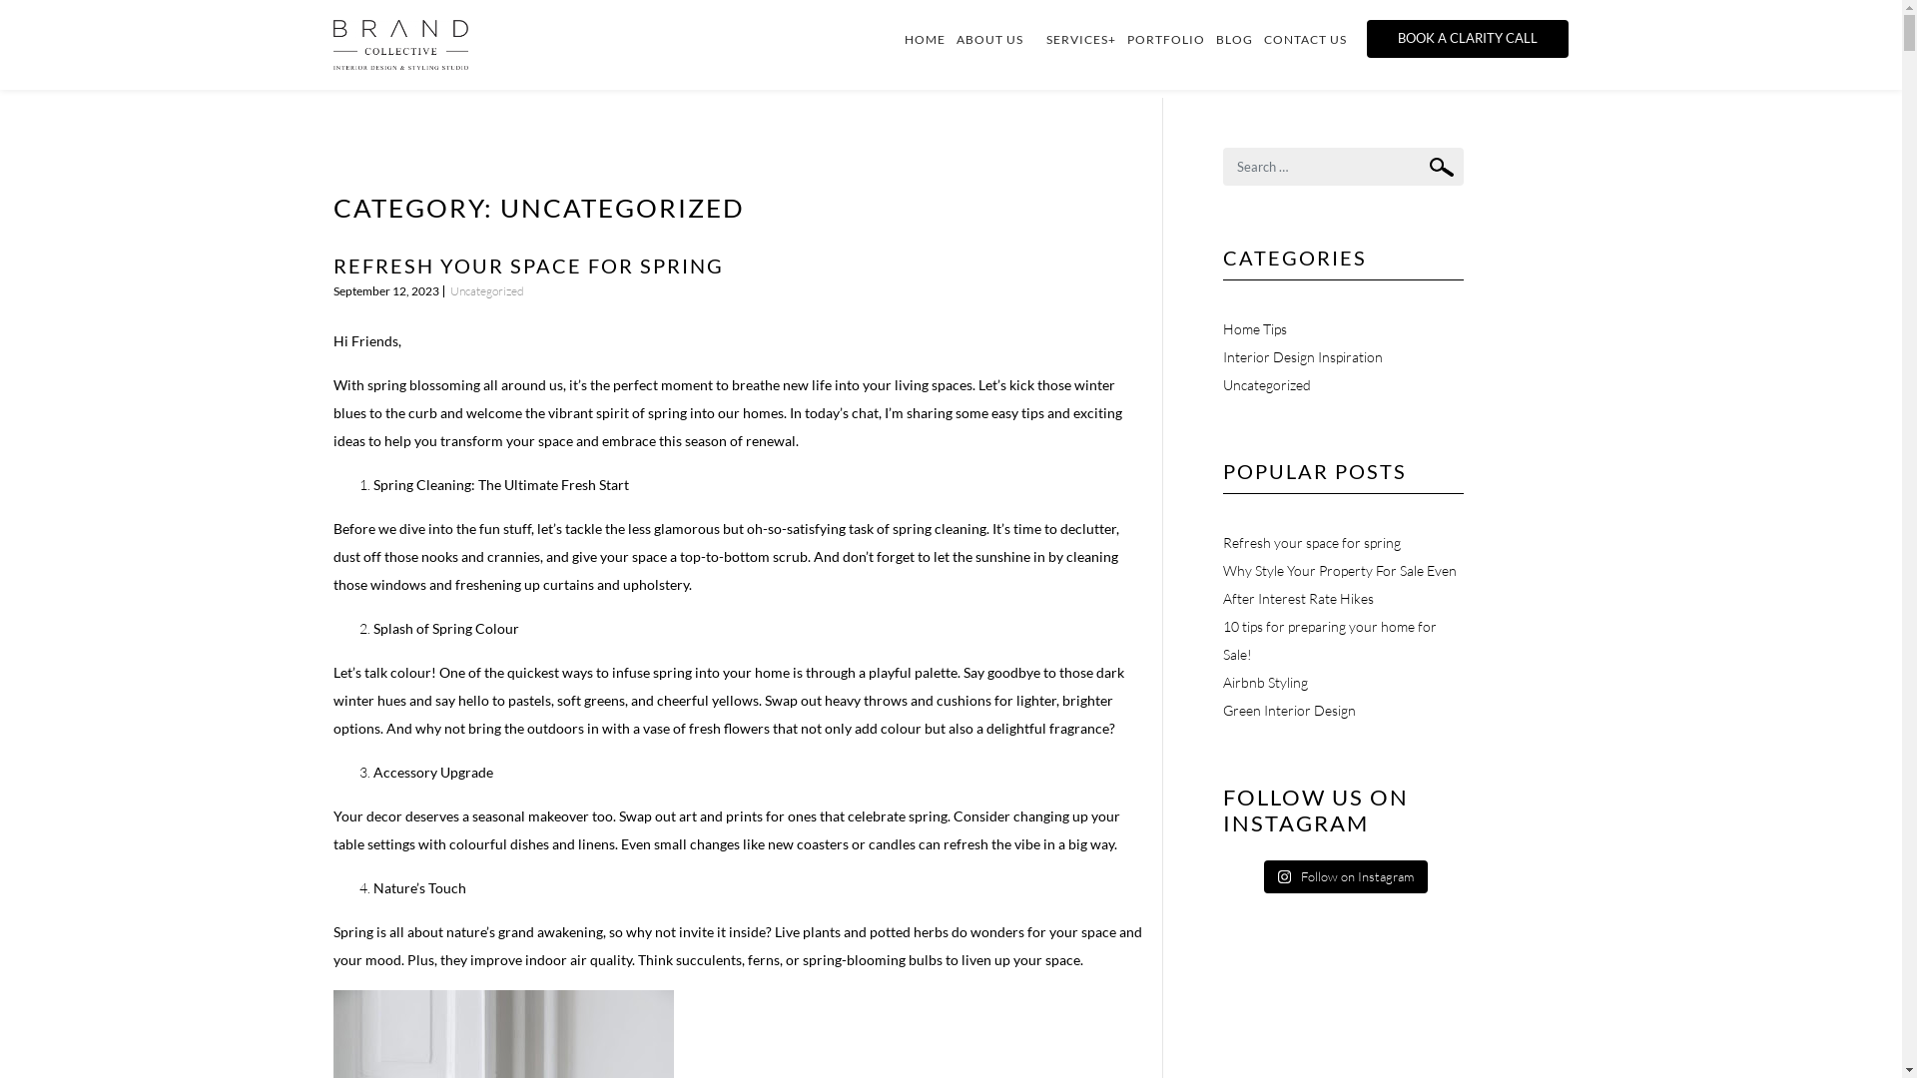 The height and width of the screenshot is (1078, 1917). What do you see at coordinates (1254, 327) in the screenshot?
I see `'Home Tips'` at bounding box center [1254, 327].